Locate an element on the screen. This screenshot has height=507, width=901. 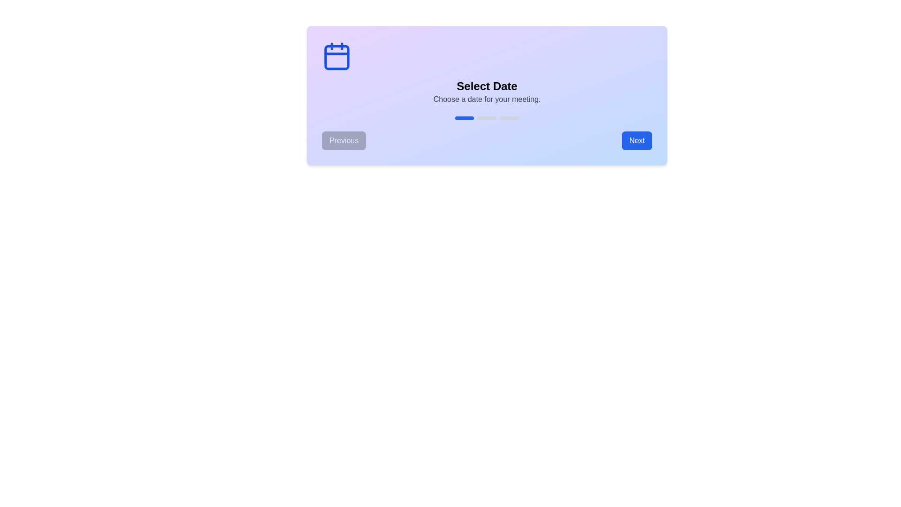
the Next button to navigate between steps is located at coordinates (637, 141).